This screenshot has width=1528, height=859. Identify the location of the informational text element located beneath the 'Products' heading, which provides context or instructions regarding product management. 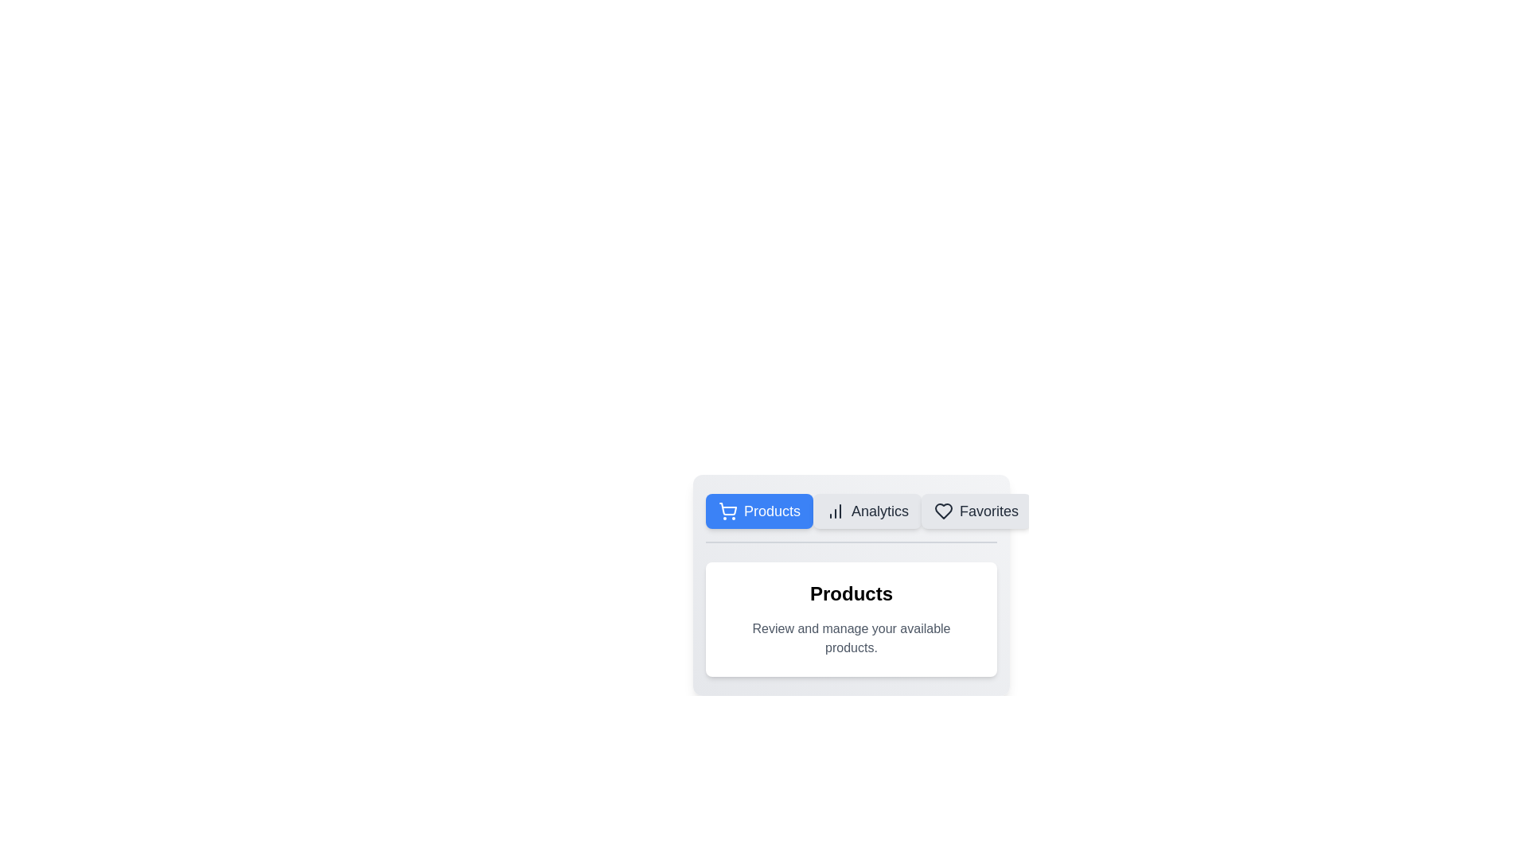
(851, 637).